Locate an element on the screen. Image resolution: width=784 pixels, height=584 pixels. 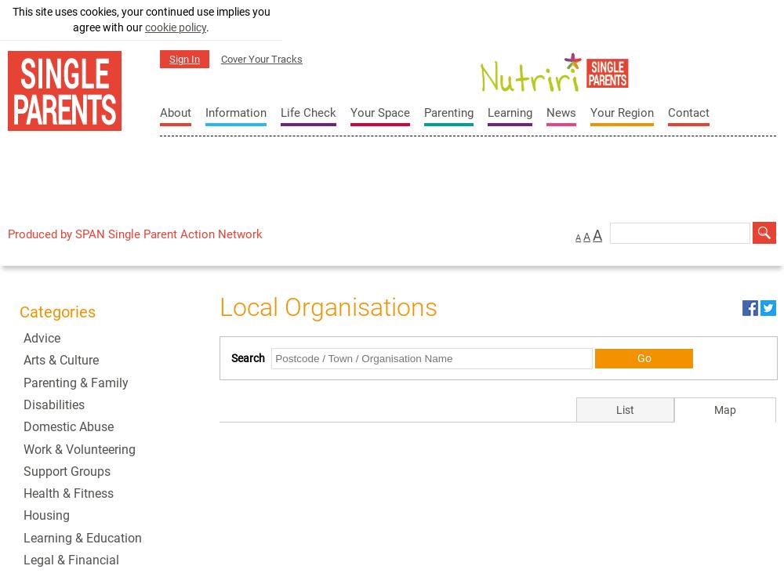
'Life Check' is located at coordinates (308, 113).